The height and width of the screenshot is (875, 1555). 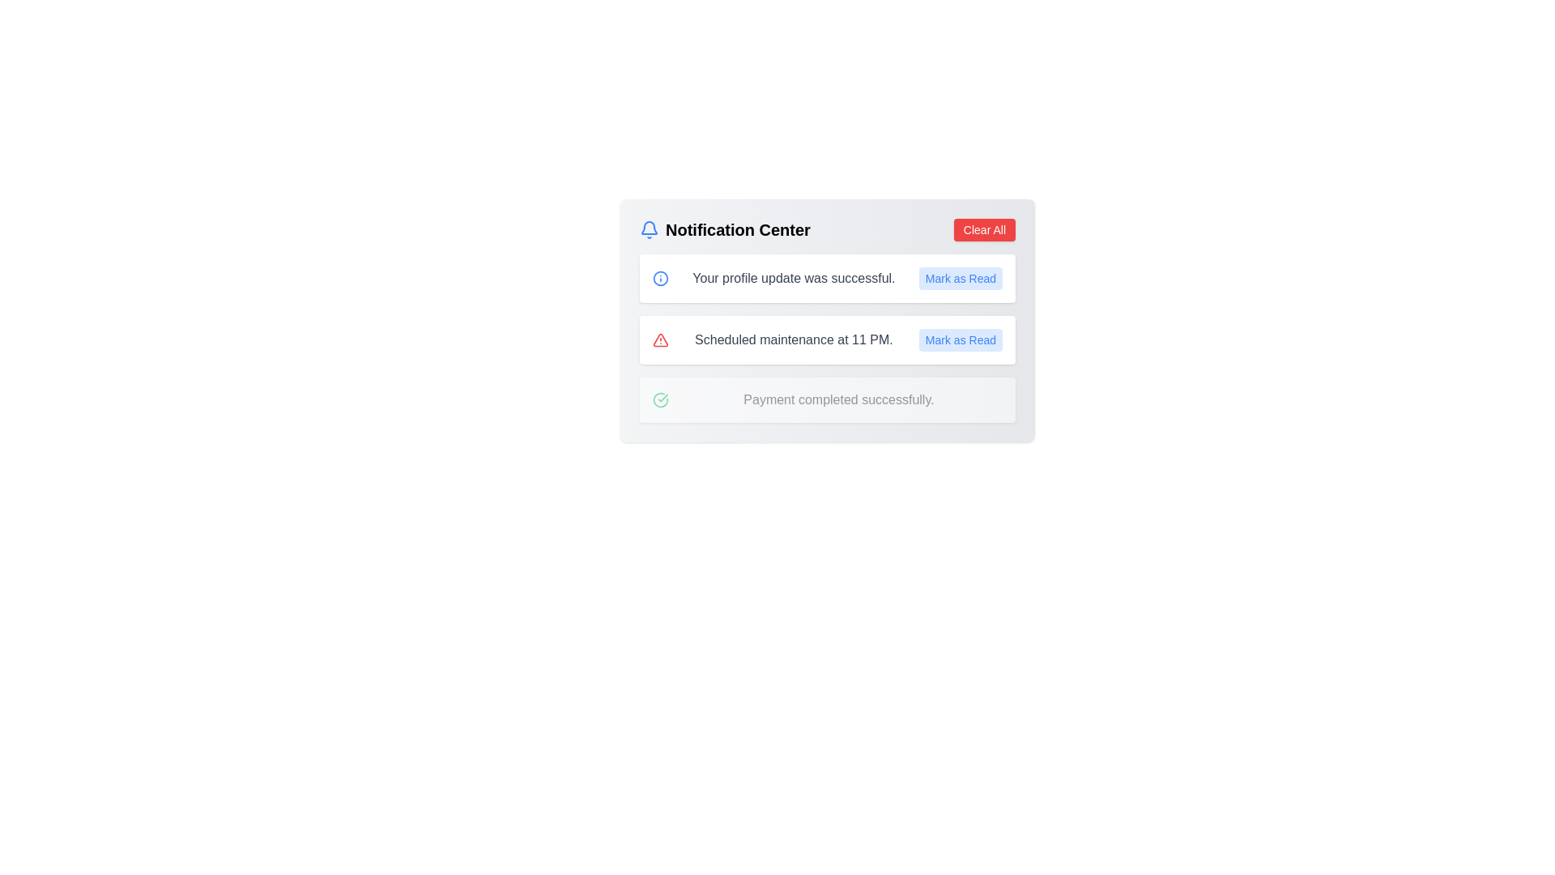 What do you see at coordinates (794, 277) in the screenshot?
I see `the notification message text label that indicates a successful profile update, located in the second row of the notification list` at bounding box center [794, 277].